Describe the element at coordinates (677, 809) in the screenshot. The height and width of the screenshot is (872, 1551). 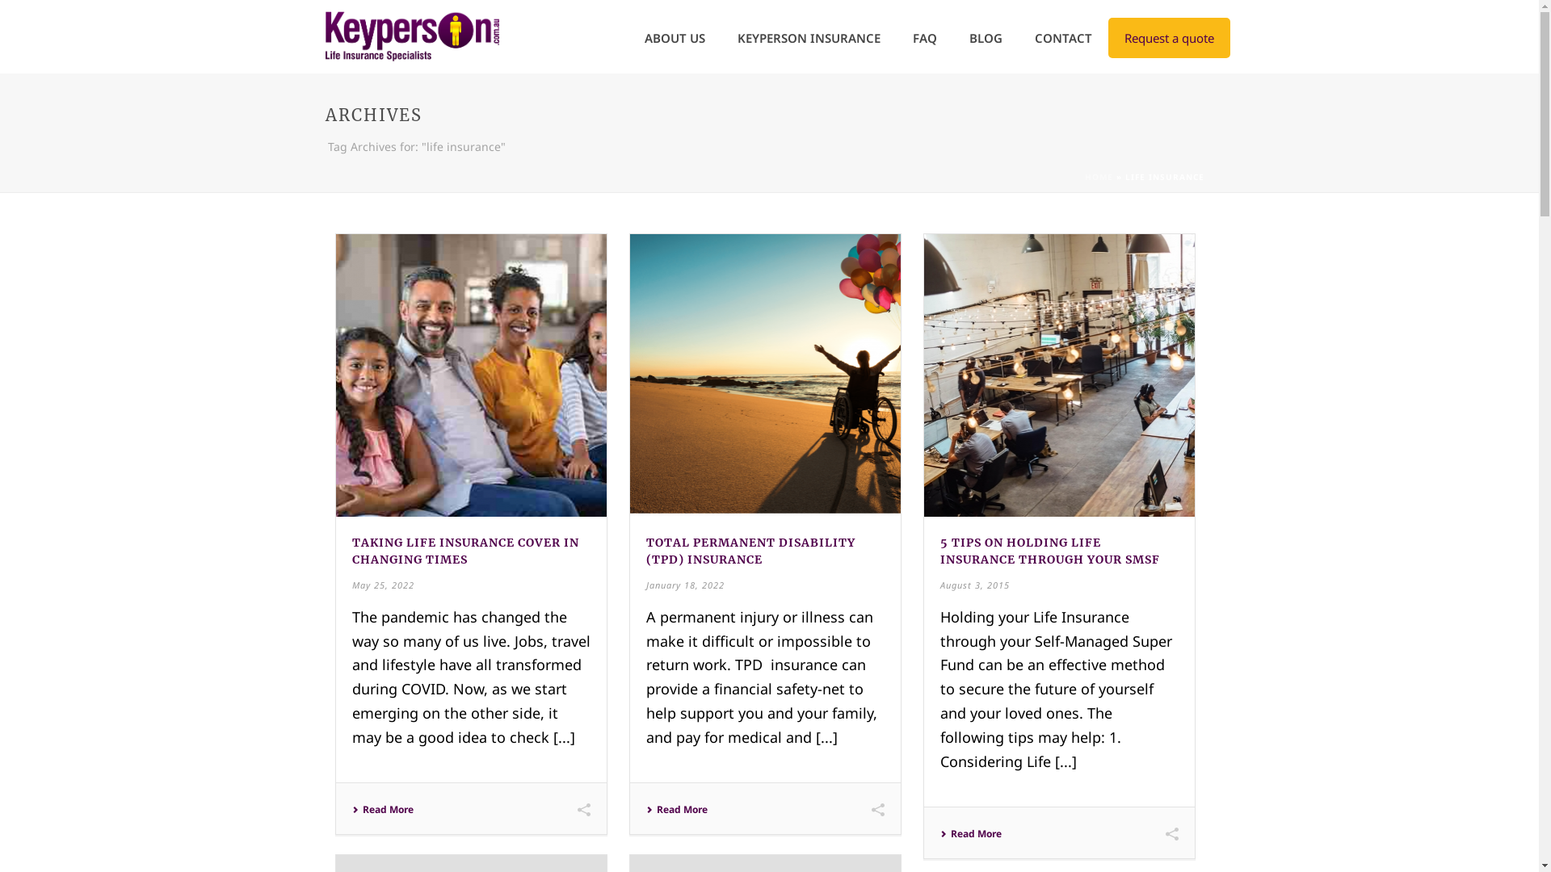
I see `'Read More'` at that location.